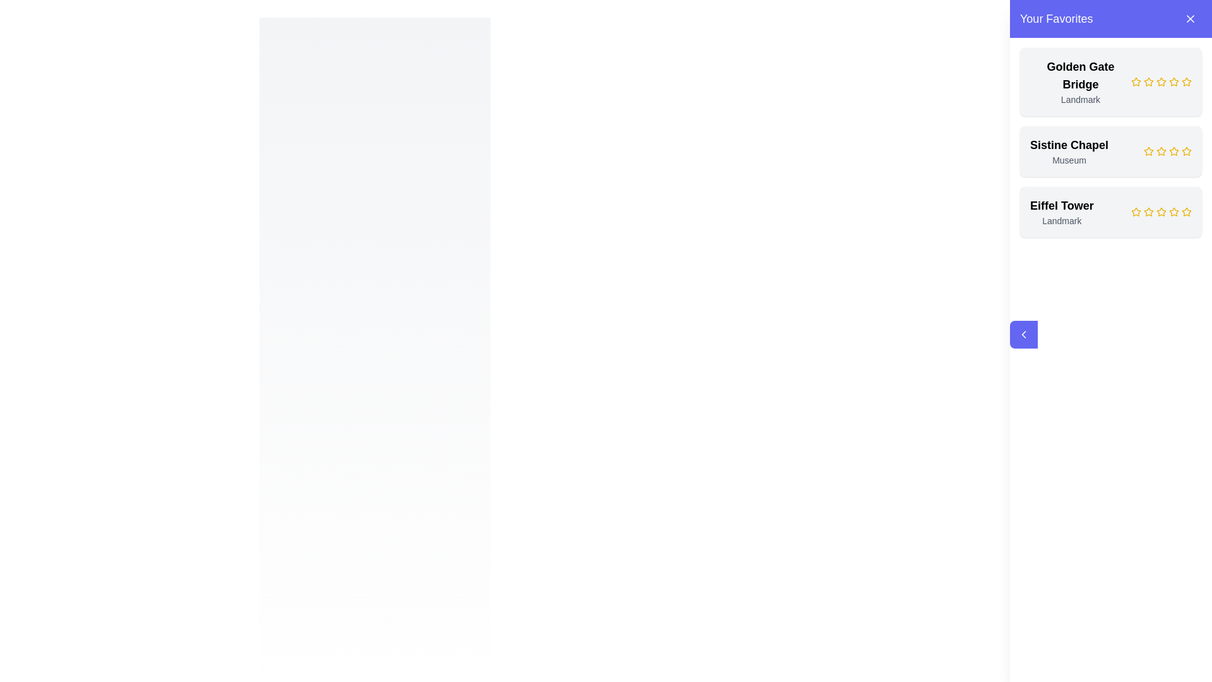 The image size is (1212, 682). I want to click on the static text label identifying the landmark 'Golden Gate Bridge' in the right-hand sidebar, so click(1080, 75).